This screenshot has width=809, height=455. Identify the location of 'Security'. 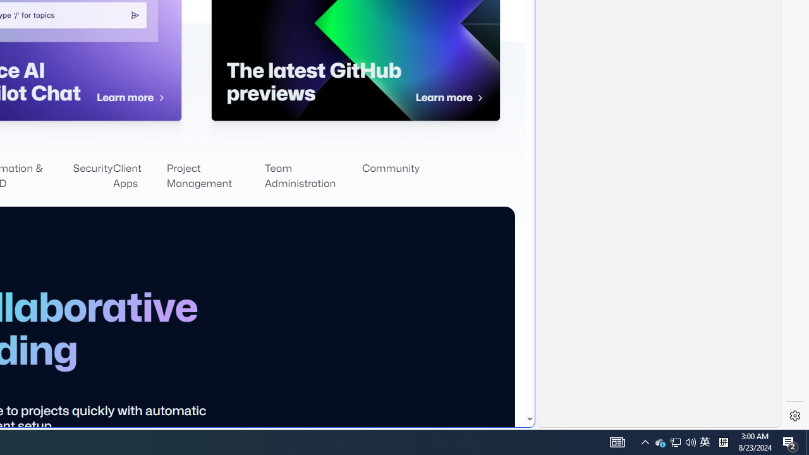
(92, 176).